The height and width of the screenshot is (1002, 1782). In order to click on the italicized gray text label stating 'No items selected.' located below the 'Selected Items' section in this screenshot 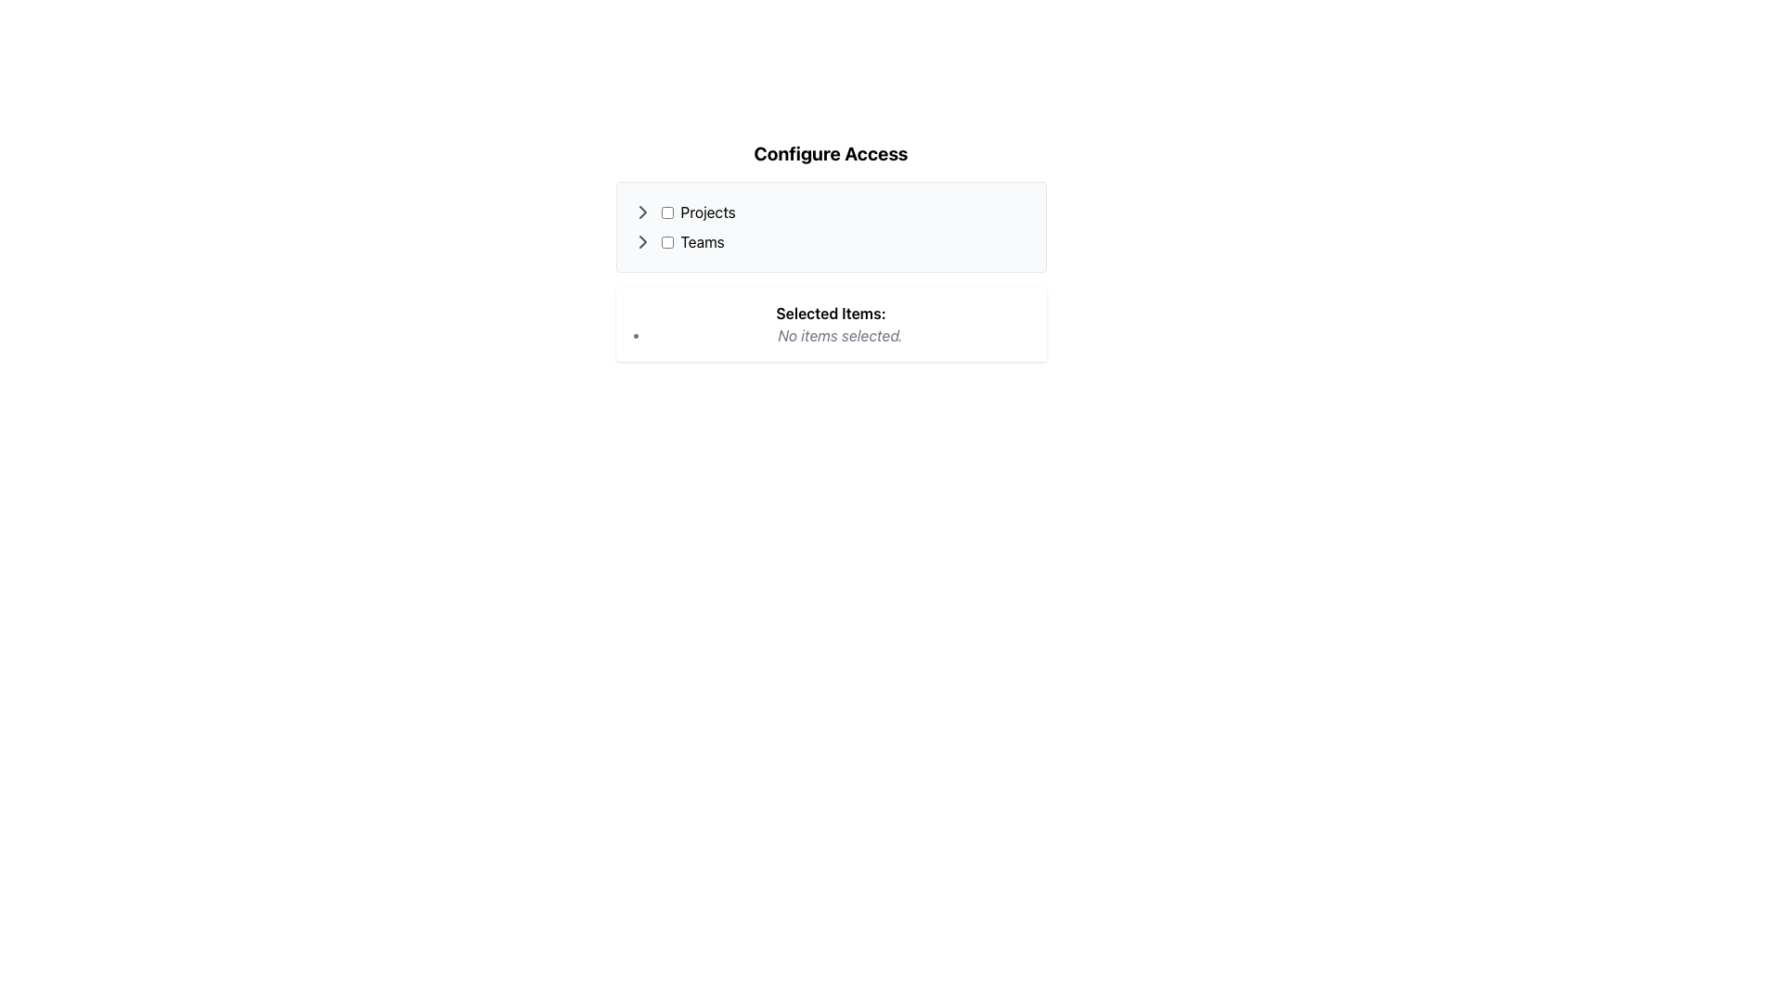, I will do `click(839, 336)`.